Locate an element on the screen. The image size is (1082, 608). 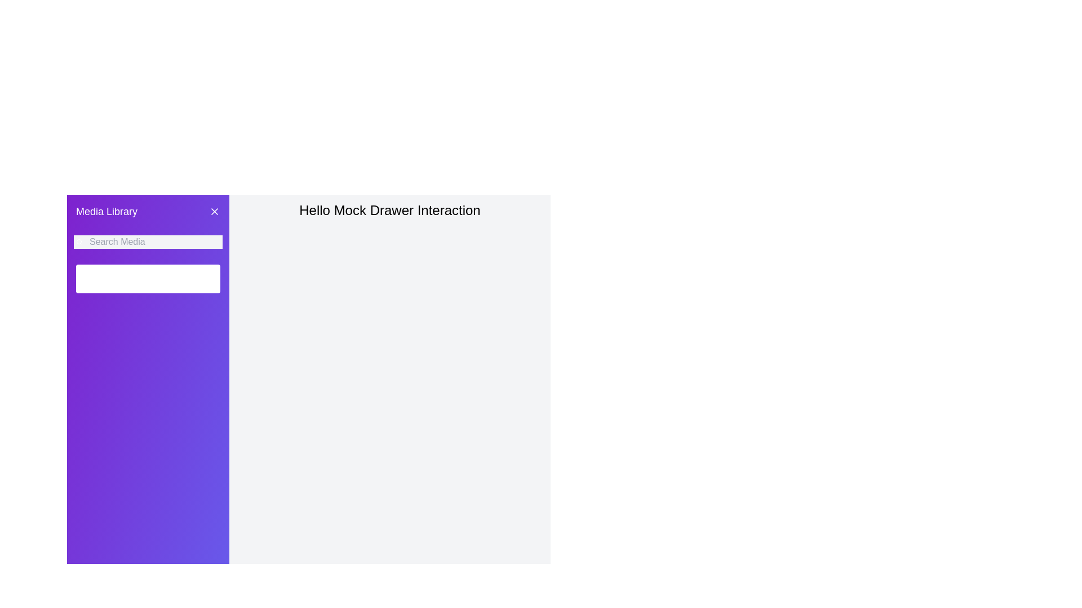
the 'X' icon button located in the top-right corner of the purple header section labeled 'Media Library' is located at coordinates (214, 211).